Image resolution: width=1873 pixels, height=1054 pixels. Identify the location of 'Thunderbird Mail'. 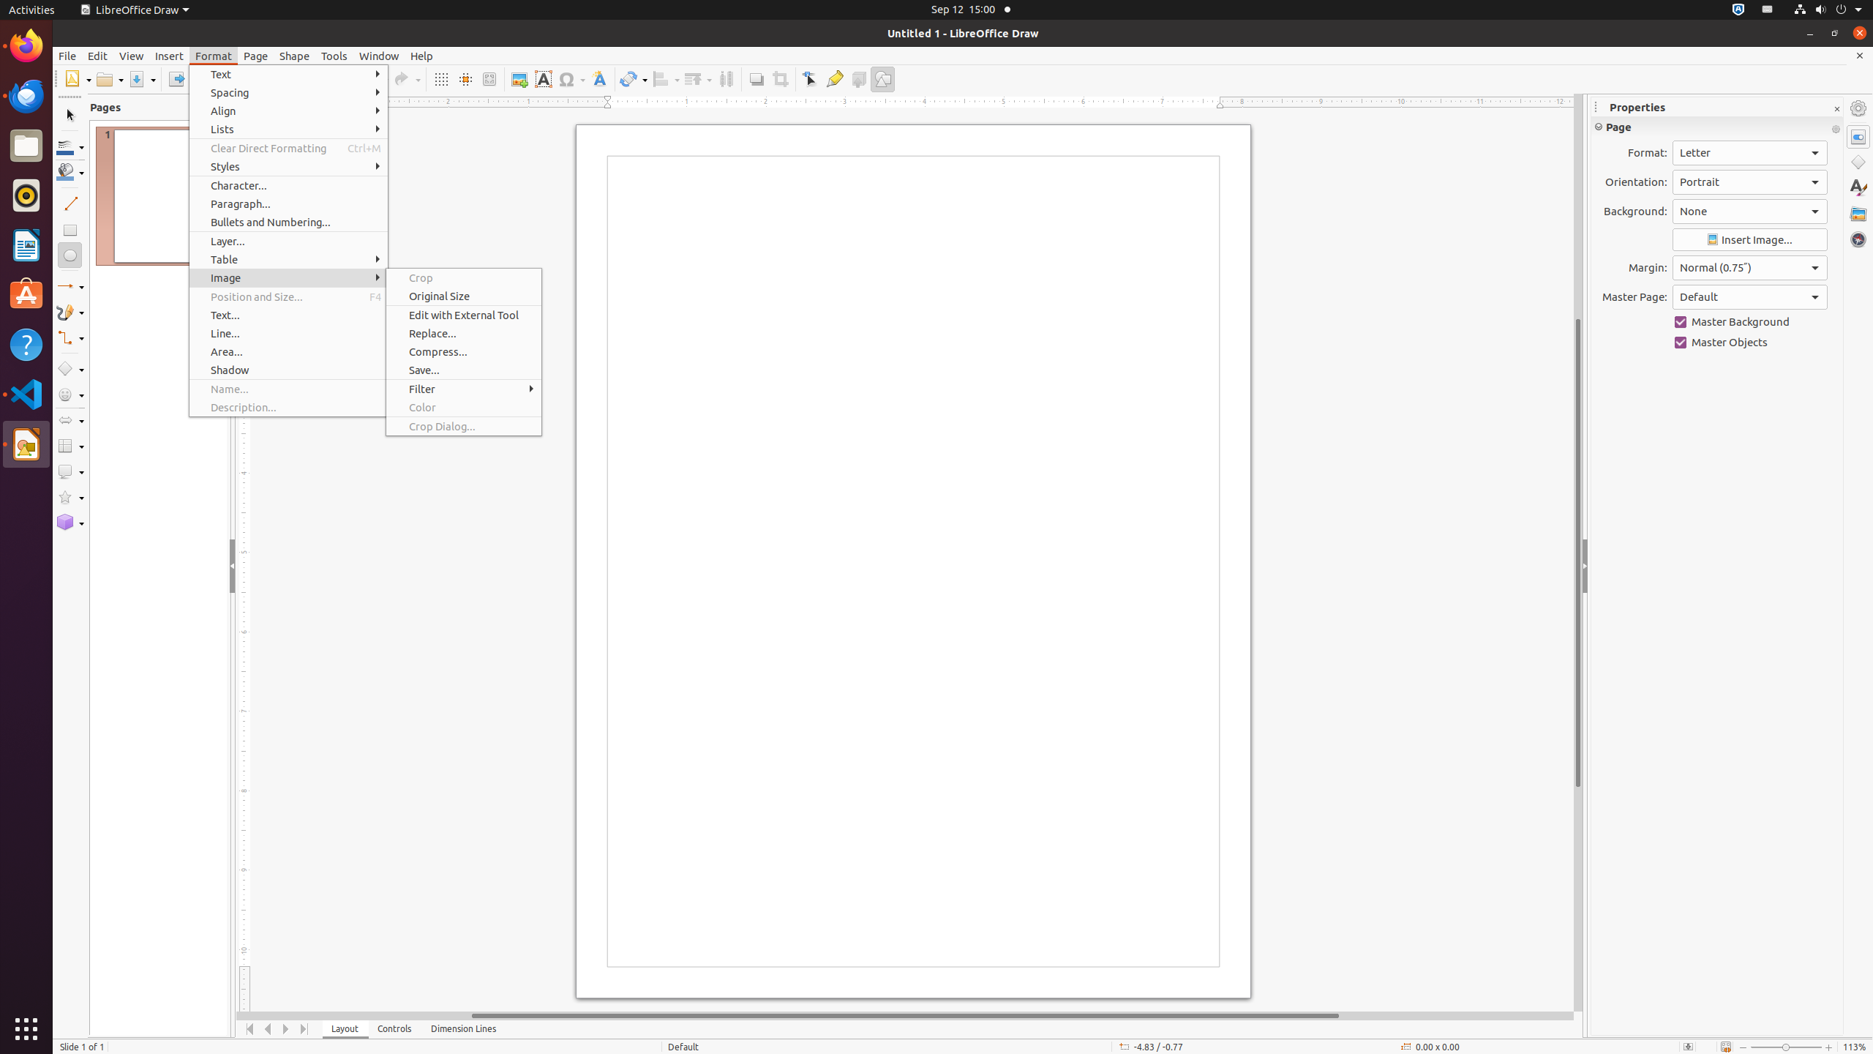
(26, 95).